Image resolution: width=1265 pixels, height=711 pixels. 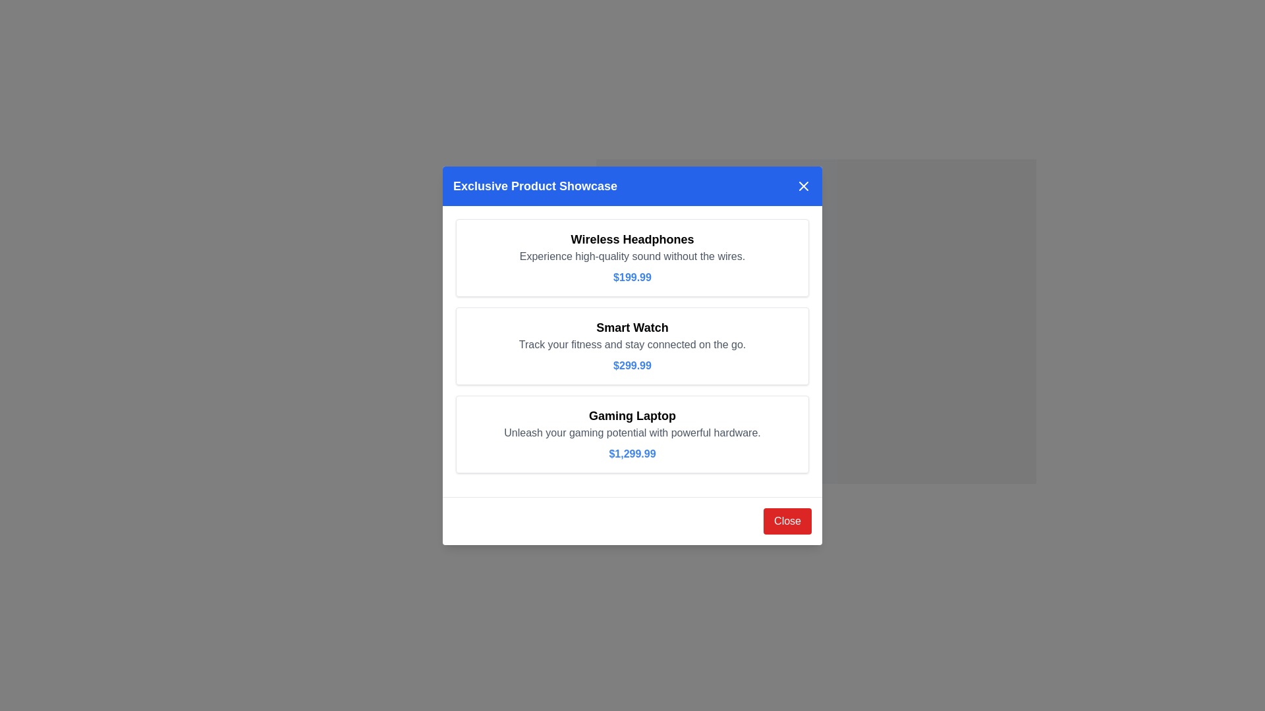 What do you see at coordinates (632, 453) in the screenshot?
I see `the text label displaying the price '$1,299.99', which is styled in bold, blue font and located below the description of 'Gaming Laptop' in the lower section of the modal dialog box` at bounding box center [632, 453].